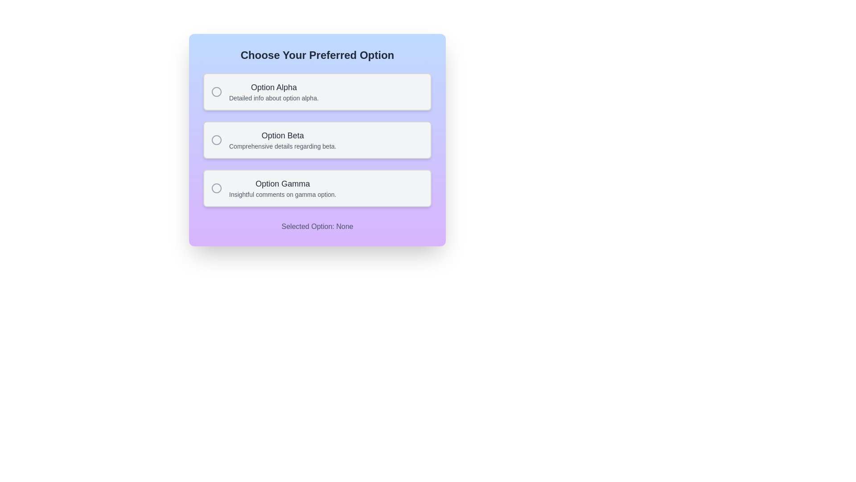 The width and height of the screenshot is (856, 482). I want to click on information presented in the small gray text label located below the 'Option Gamma' label within the third selection box, so click(282, 194).